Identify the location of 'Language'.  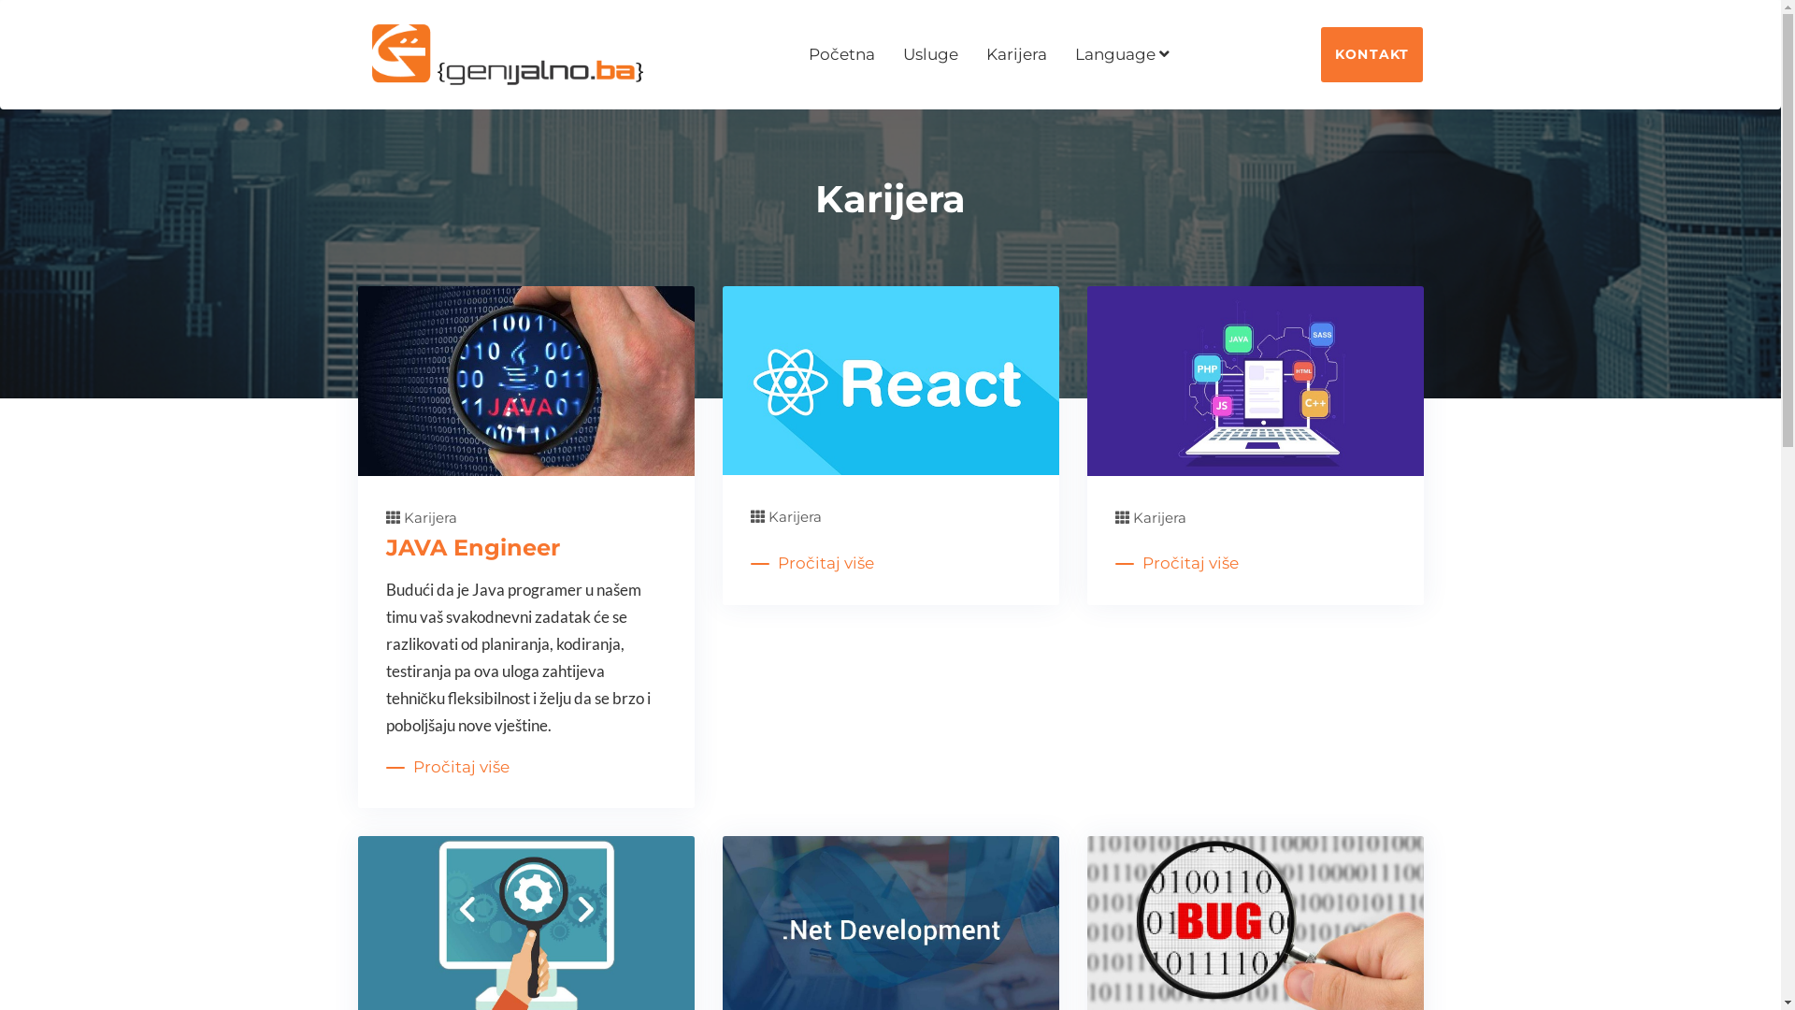
(1122, 53).